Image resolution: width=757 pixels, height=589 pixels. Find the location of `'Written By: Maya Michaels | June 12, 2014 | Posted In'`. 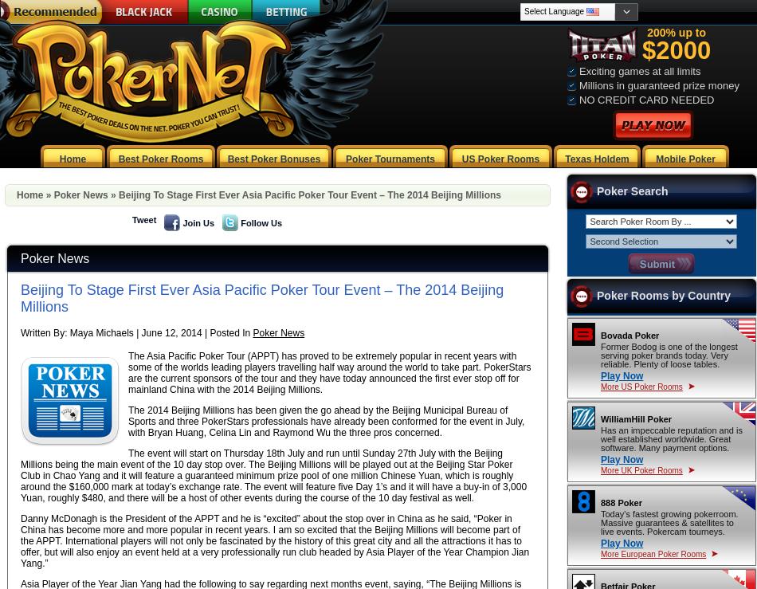

'Written By: Maya Michaels | June 12, 2014 | Posted In' is located at coordinates (136, 332).